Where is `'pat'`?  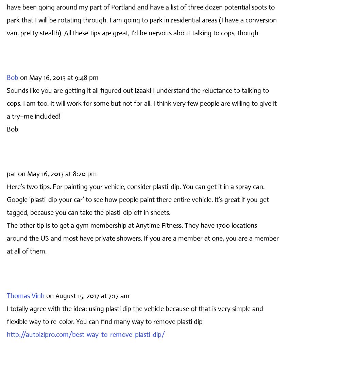 'pat' is located at coordinates (12, 173).